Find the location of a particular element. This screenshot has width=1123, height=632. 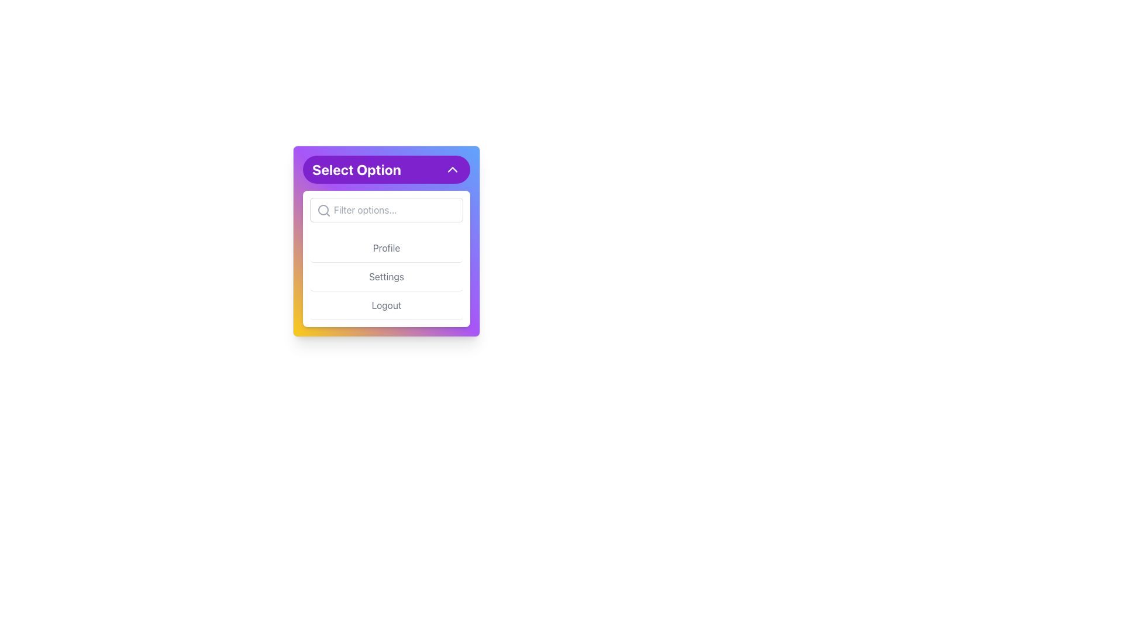

the button with a purple rectangular background and white text that reads 'Select Option' to trigger hover effects is located at coordinates (387, 169).